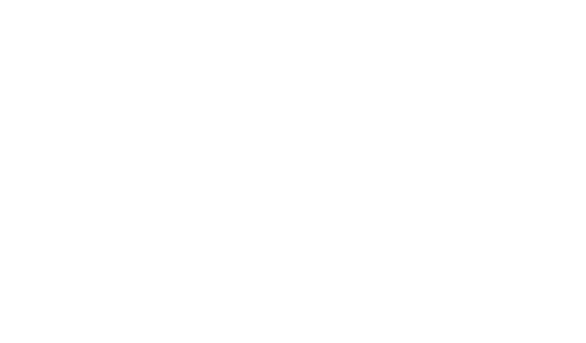 The height and width of the screenshot is (343, 586). What do you see at coordinates (293, 326) in the screenshot?
I see `'© 2023 - Welding Value. All Rights Reserved'` at bounding box center [293, 326].